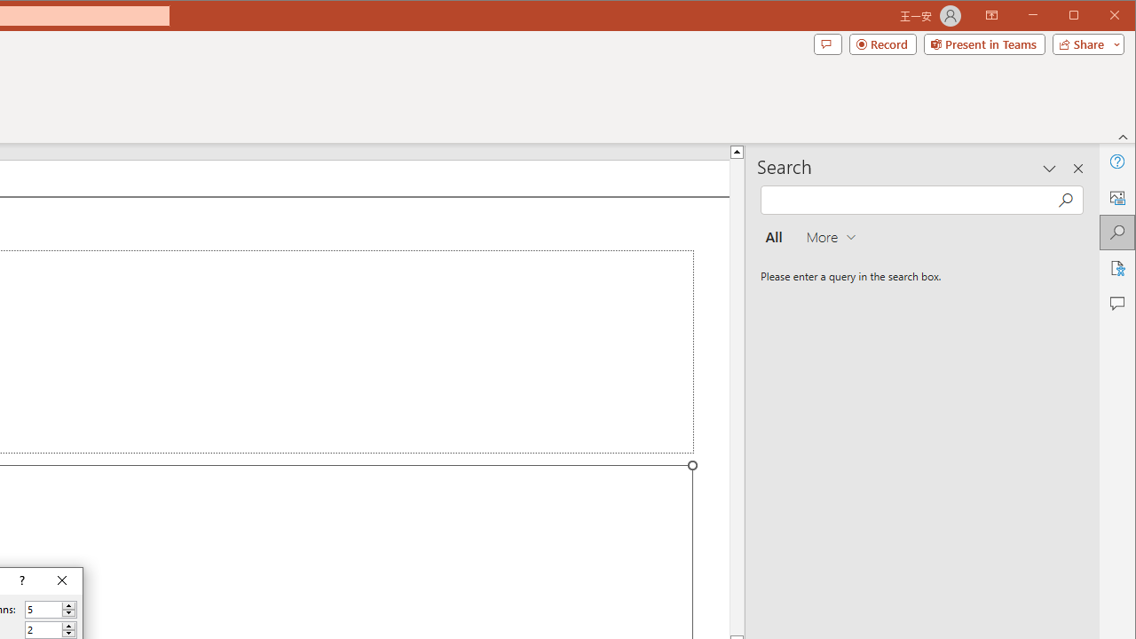 This screenshot has height=639, width=1136. What do you see at coordinates (43, 629) in the screenshot?
I see `'Number of rows'` at bounding box center [43, 629].